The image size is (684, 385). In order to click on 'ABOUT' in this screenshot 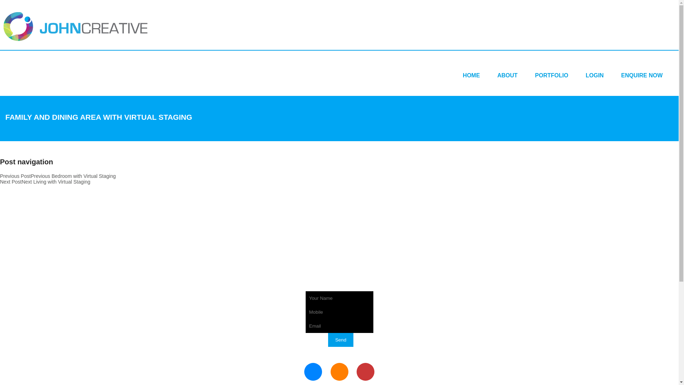, I will do `click(497, 75)`.